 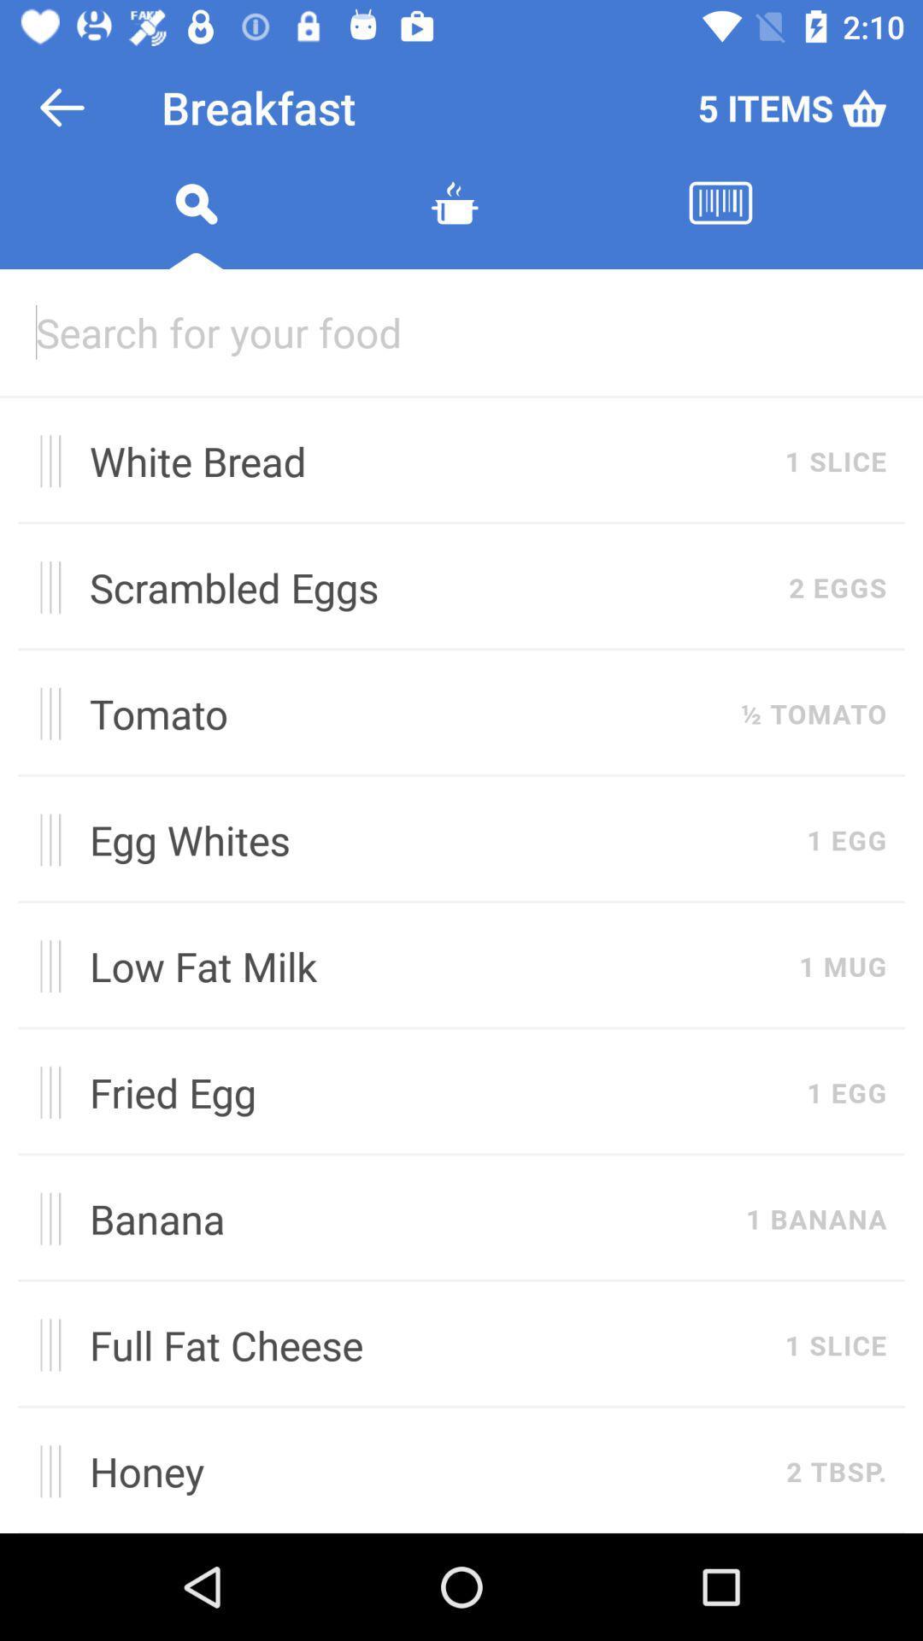 I want to click on search for your food, so click(x=461, y=332).